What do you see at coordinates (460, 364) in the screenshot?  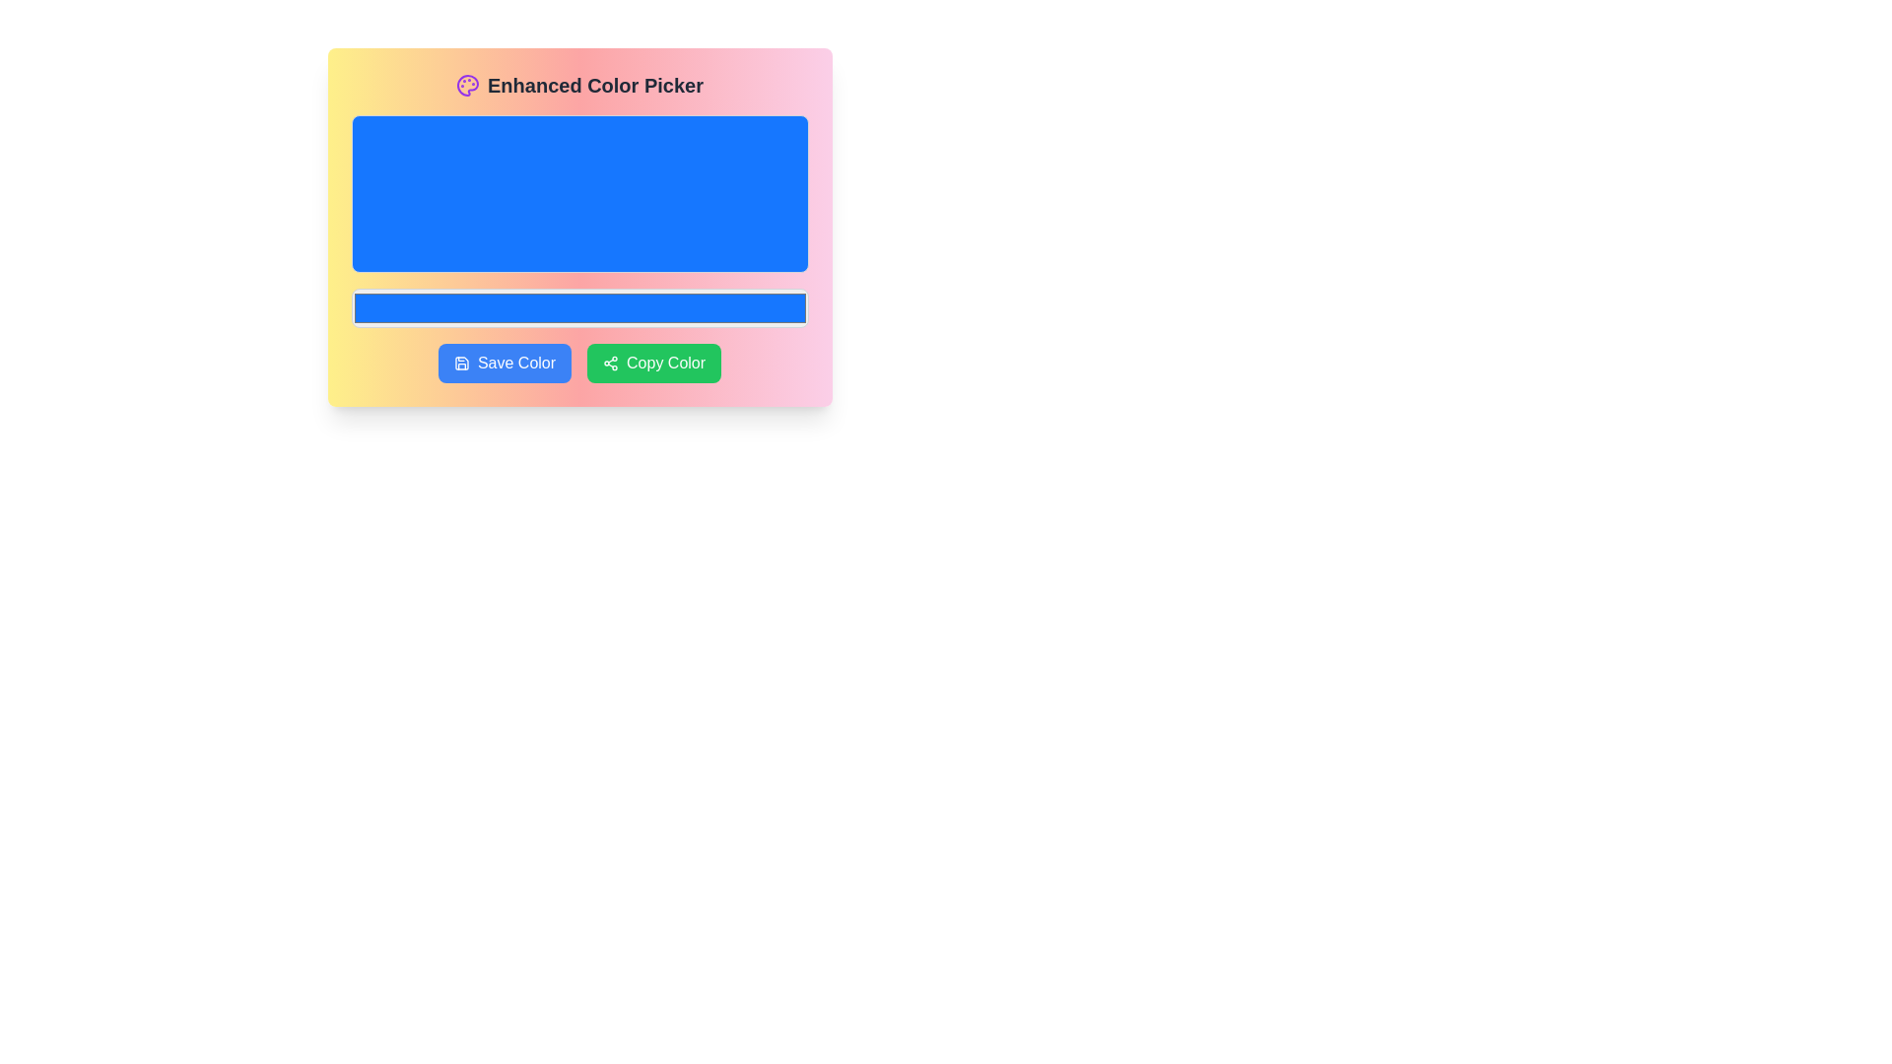 I see `the save icon located to the left of the 'Save Color' text label, which represents the file or save functionality` at bounding box center [460, 364].